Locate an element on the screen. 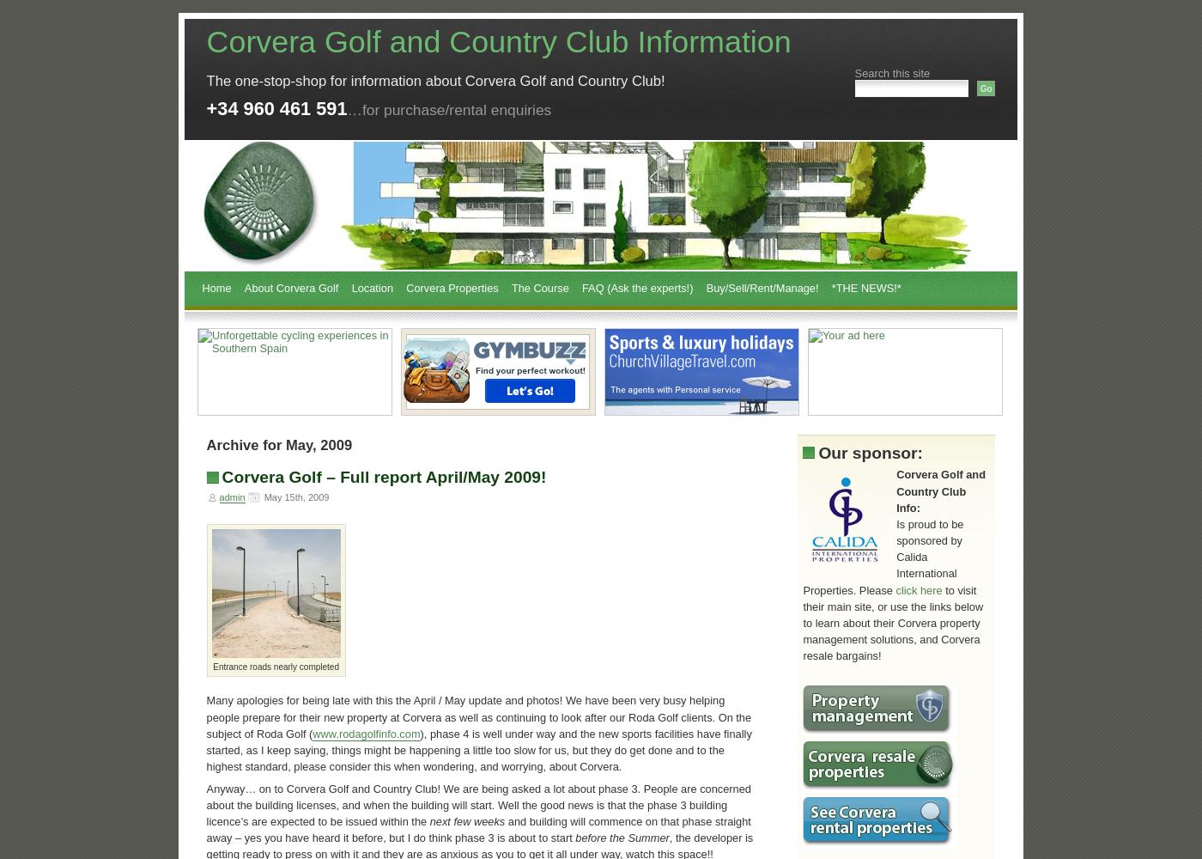 The height and width of the screenshot is (859, 1202). 'Corvera Properties' is located at coordinates (406, 287).